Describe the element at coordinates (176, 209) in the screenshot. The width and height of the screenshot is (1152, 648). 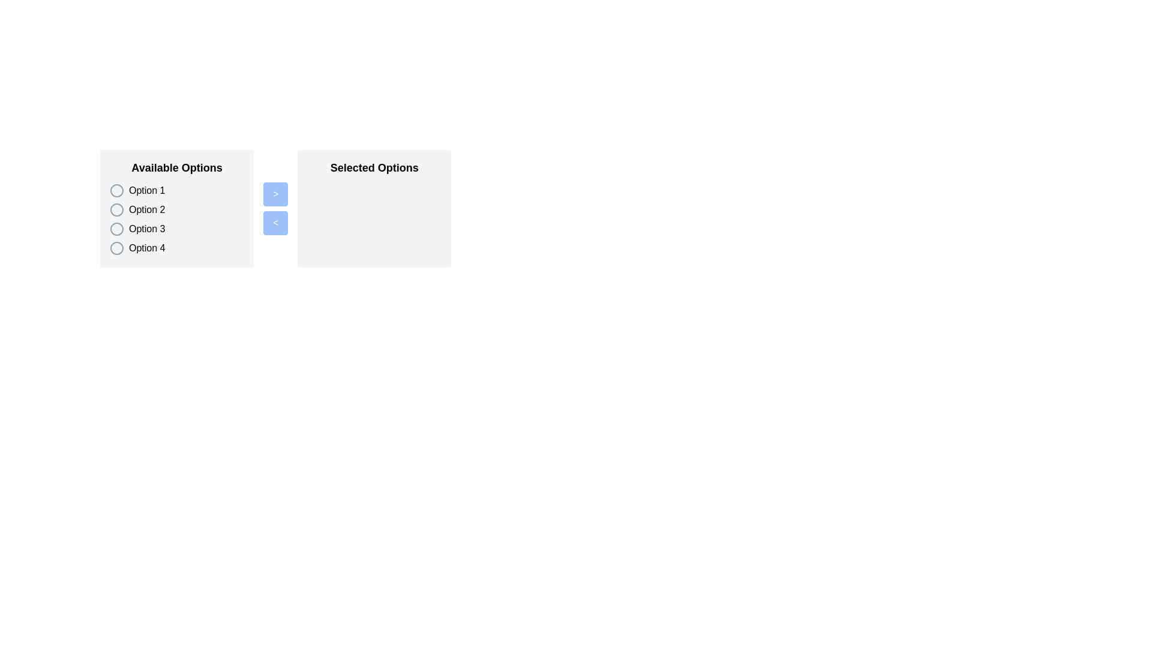
I see `the radio button labeled 'Option 2' in the list of available options` at that location.